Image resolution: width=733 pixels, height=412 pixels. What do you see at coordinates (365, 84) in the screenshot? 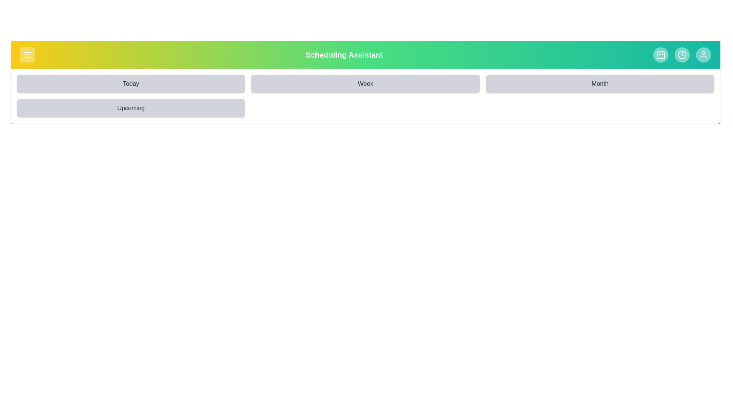
I see `the button corresponding to the selected time period: Week` at bounding box center [365, 84].